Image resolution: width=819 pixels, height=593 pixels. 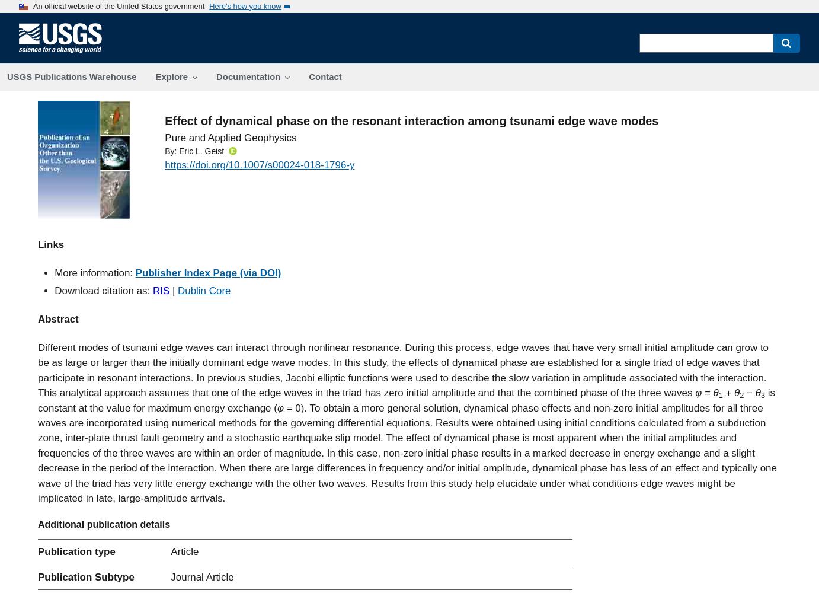 I want to click on '1', so click(x=720, y=395).